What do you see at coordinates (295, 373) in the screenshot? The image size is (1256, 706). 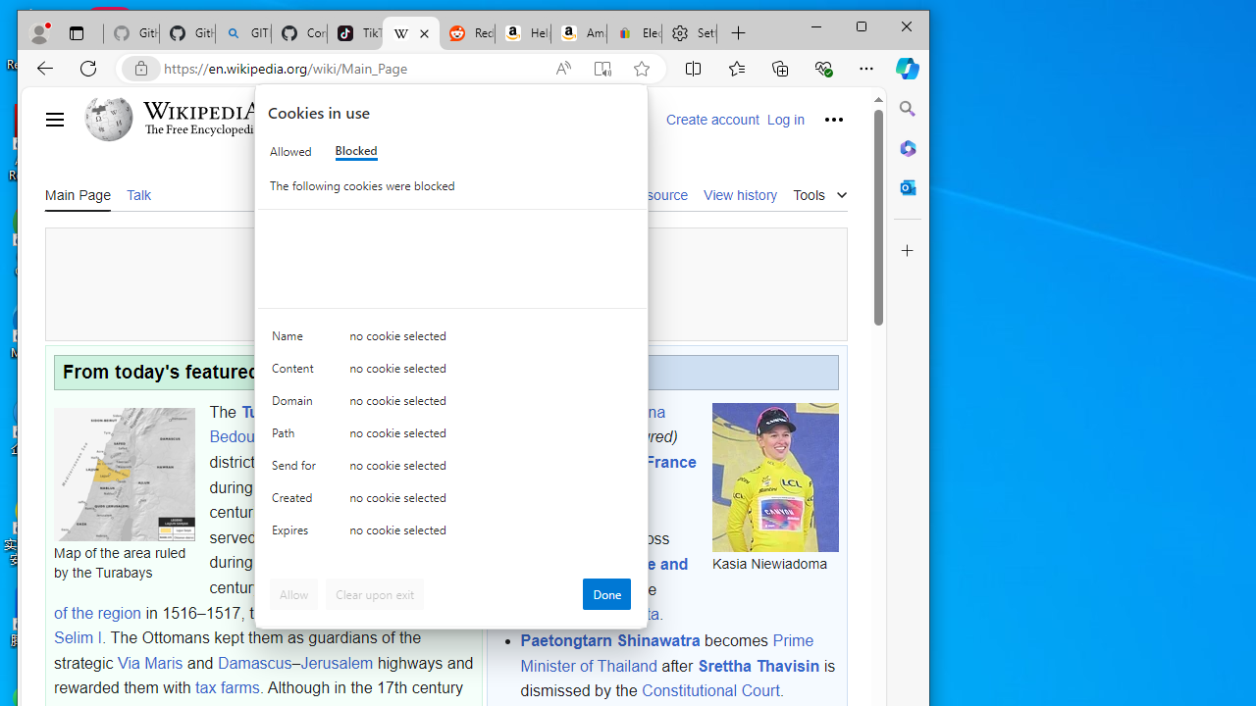 I see `'Content'` at bounding box center [295, 373].